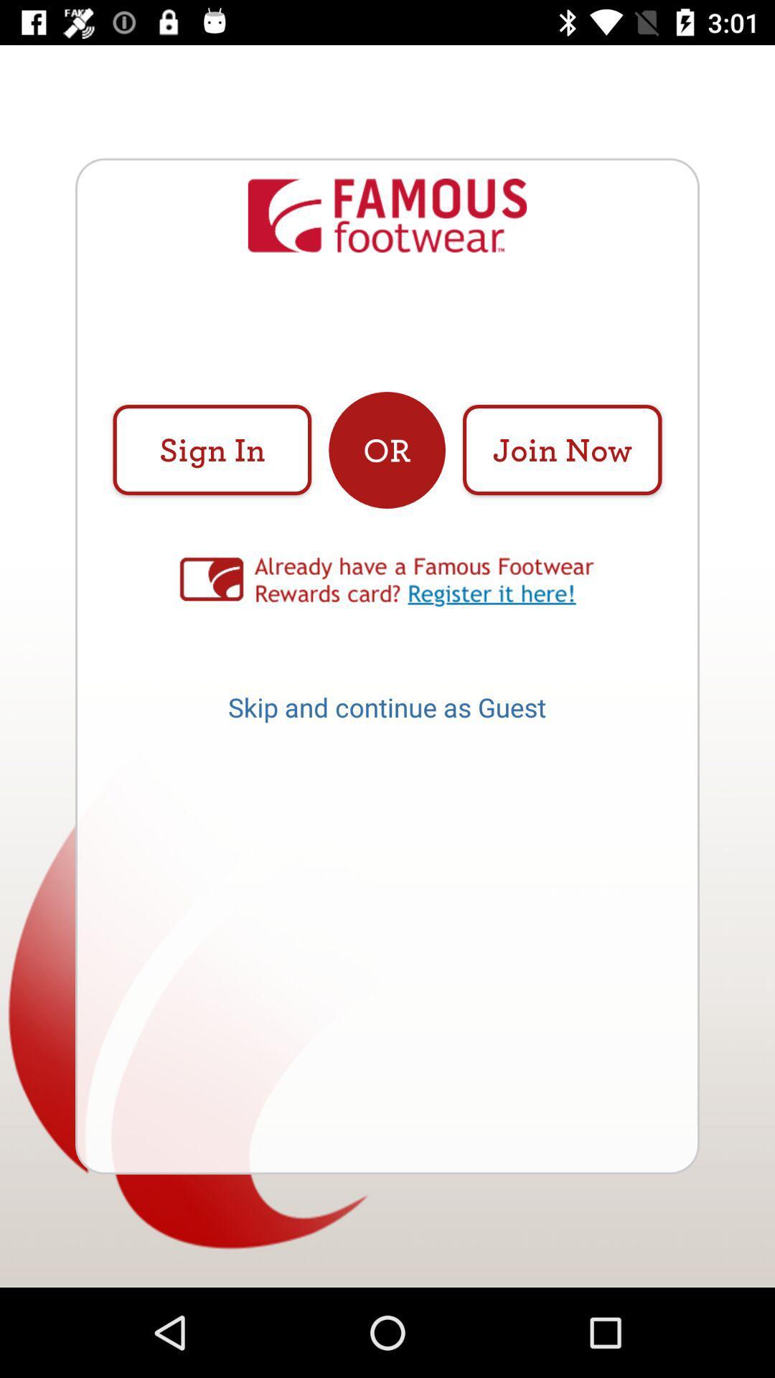  I want to click on the icon at the top left corner, so click(212, 449).